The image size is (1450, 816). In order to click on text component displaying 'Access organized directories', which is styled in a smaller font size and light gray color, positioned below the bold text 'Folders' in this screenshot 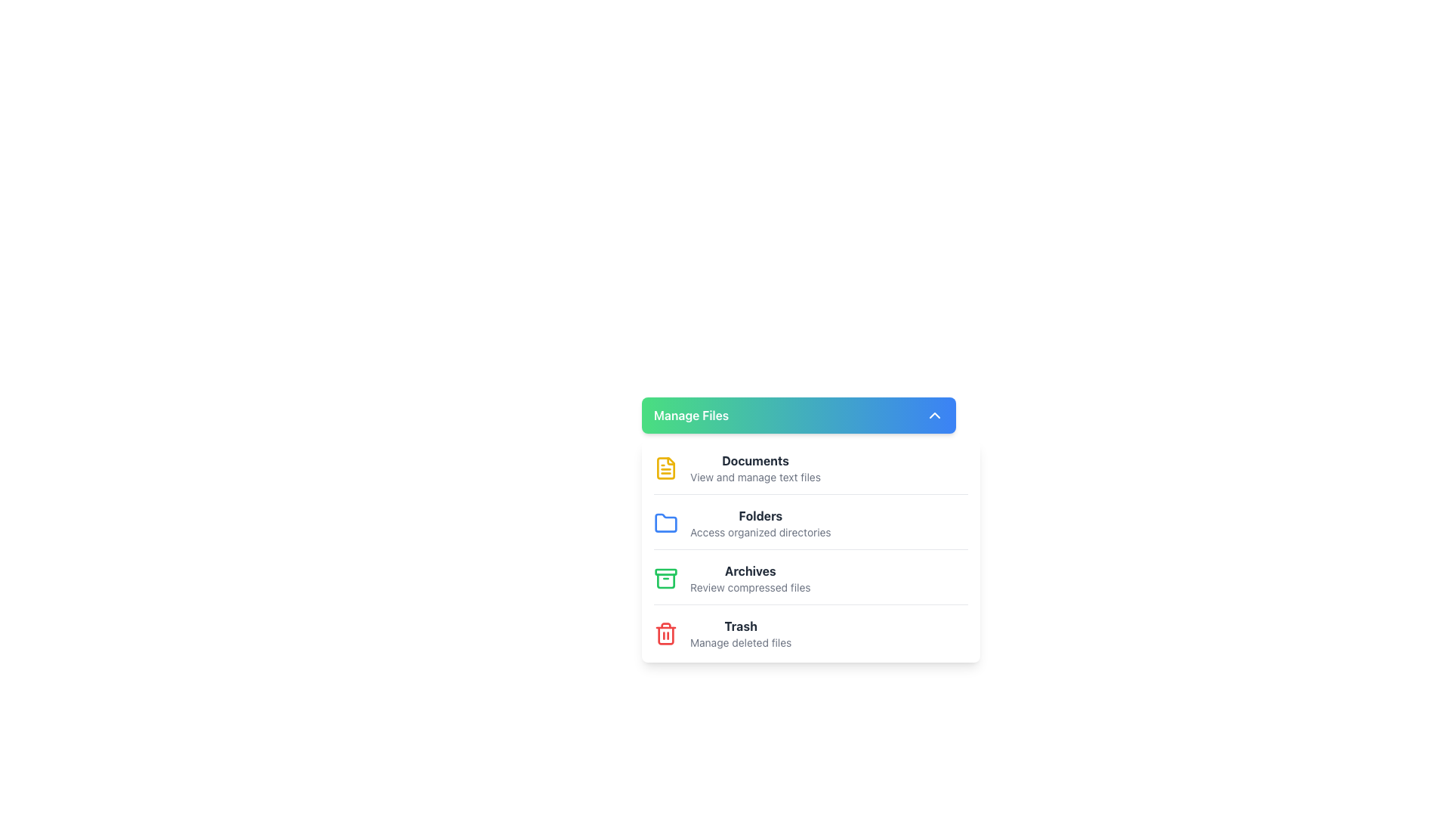, I will do `click(760, 532)`.